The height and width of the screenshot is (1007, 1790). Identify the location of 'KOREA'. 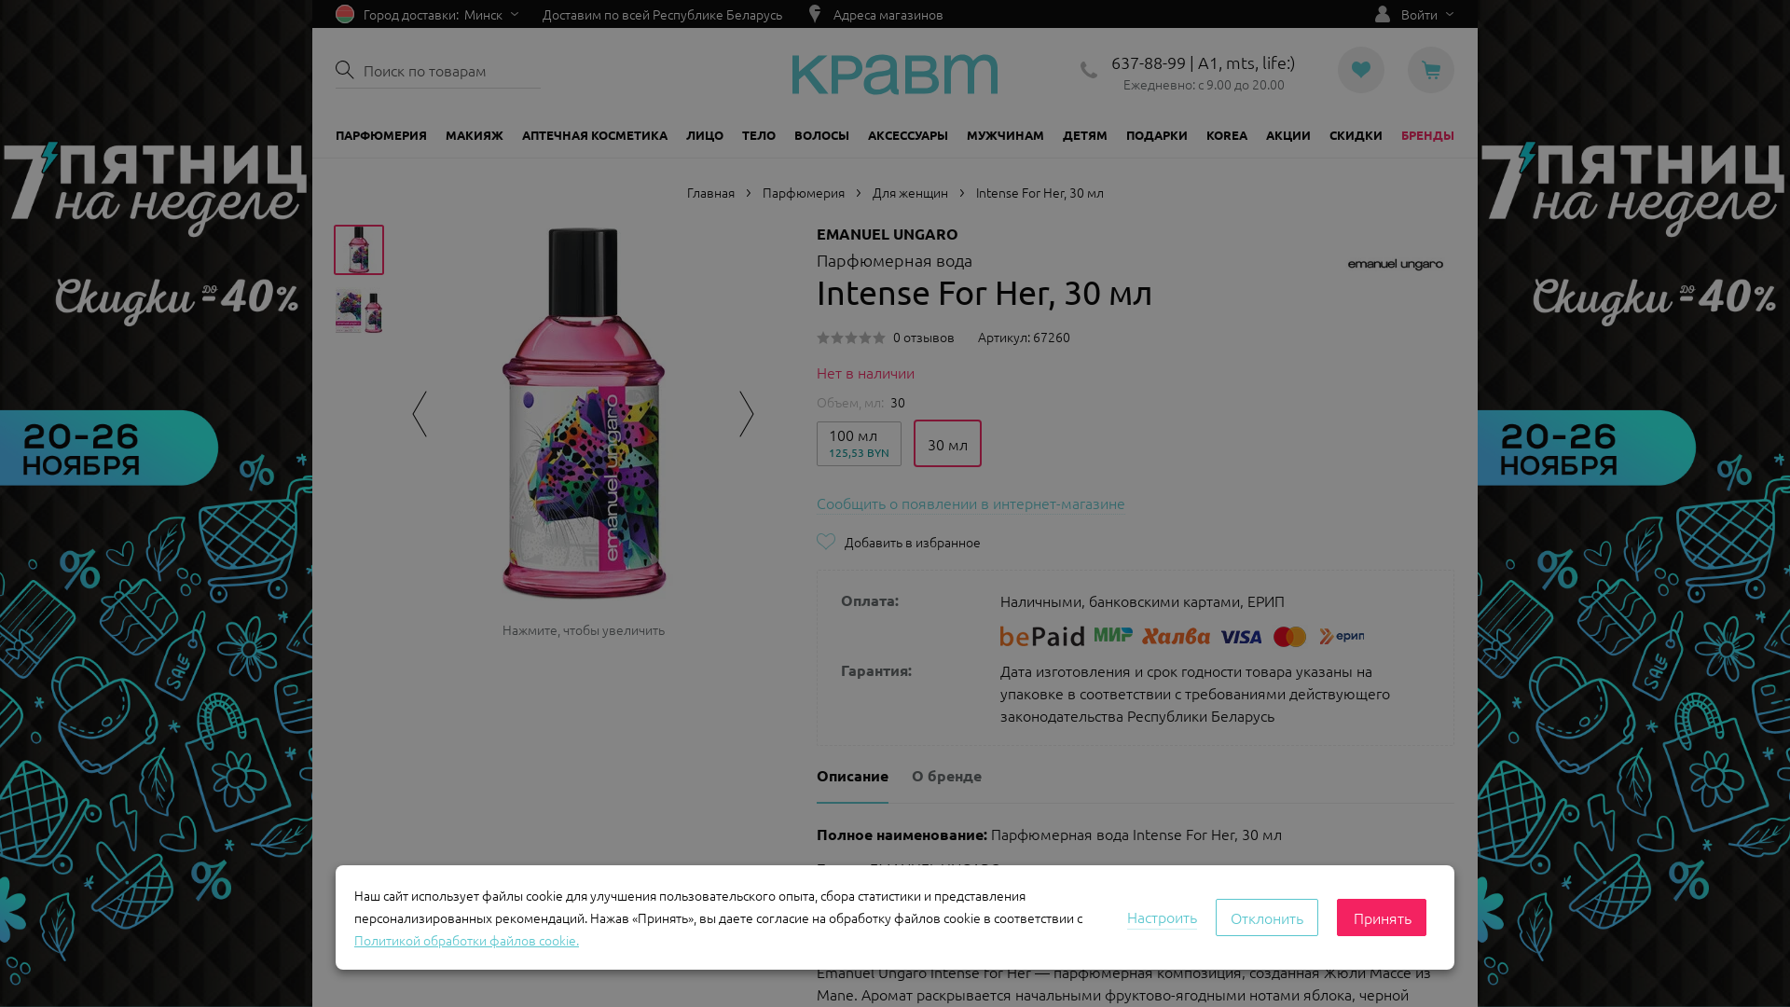
(1226, 134).